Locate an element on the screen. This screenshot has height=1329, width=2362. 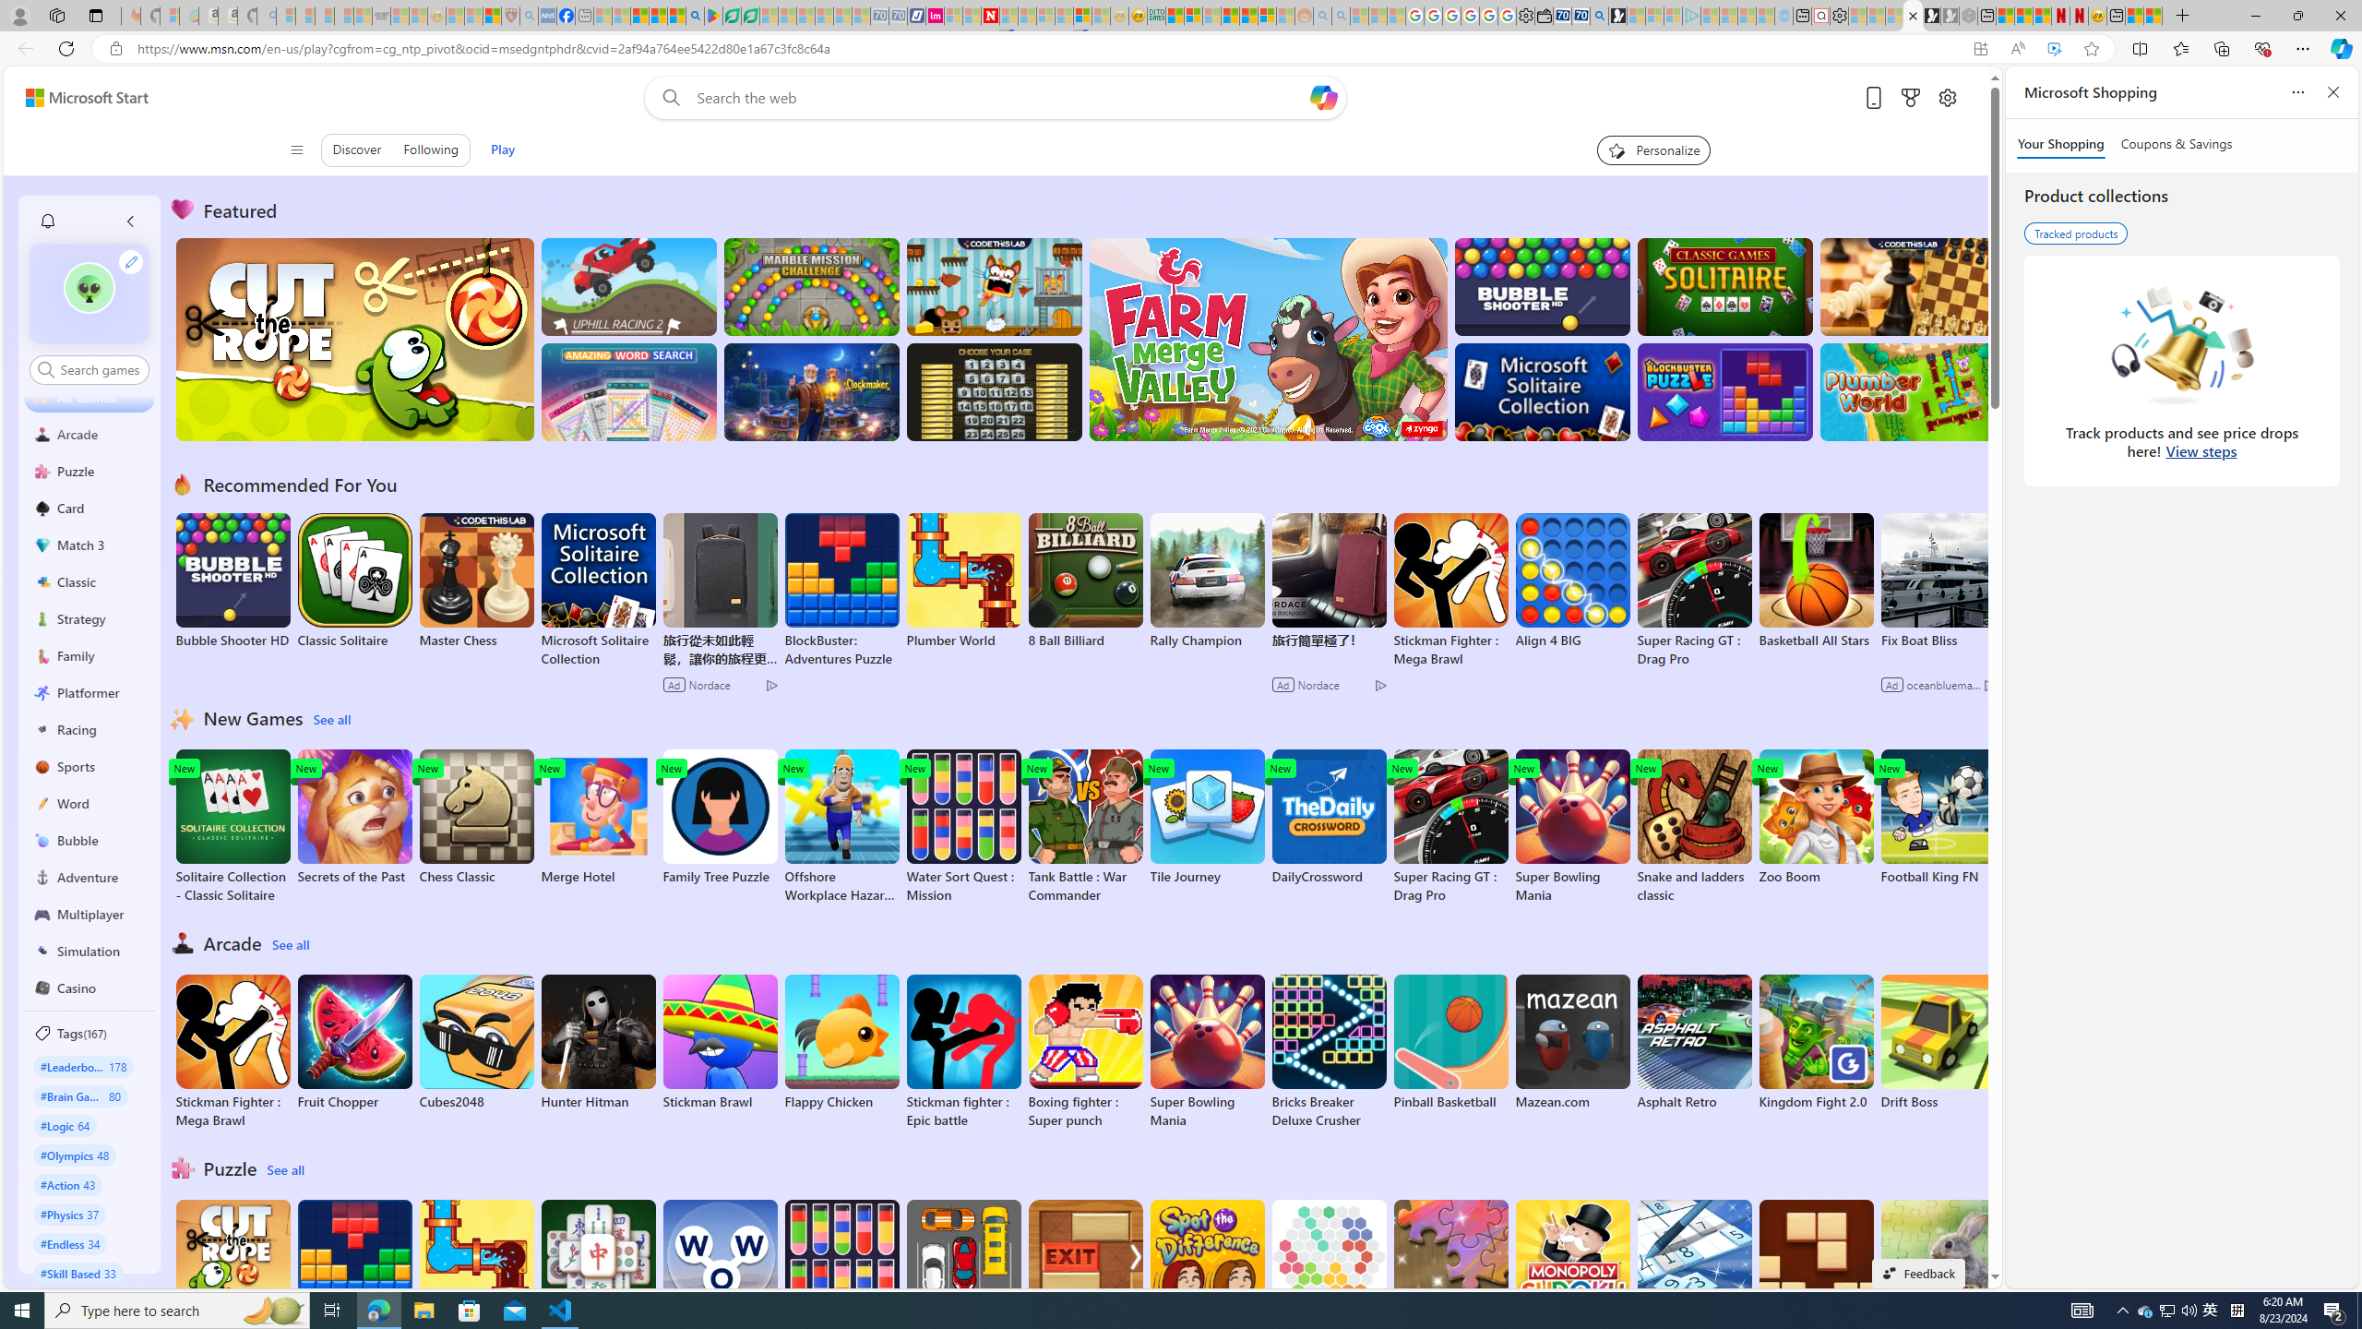
'Deal or No Deal' is located at coordinates (993, 391).